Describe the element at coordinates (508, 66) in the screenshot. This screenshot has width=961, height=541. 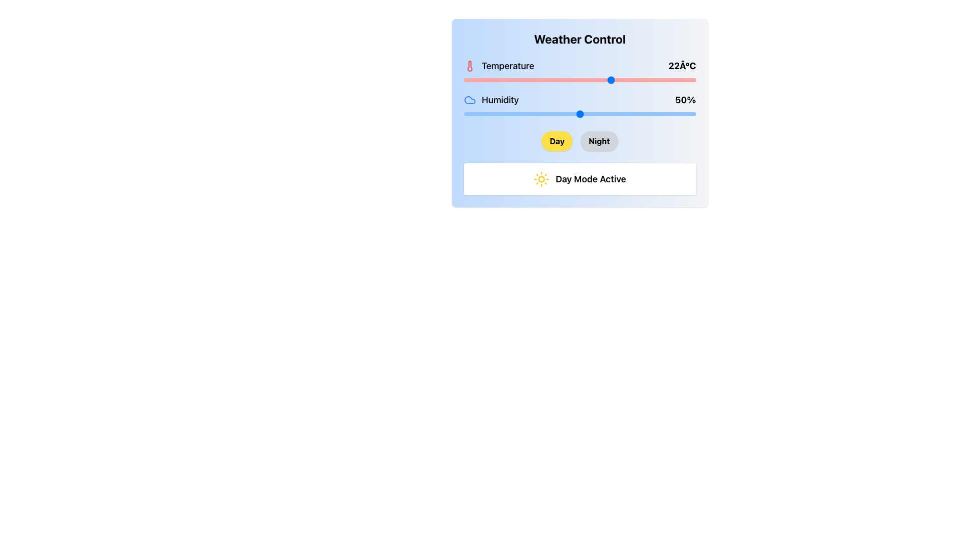
I see `the Text Label that indicates the temperature display and adjustment controls, positioned to the right of the thermometer icon under the main title 'Weather Control'` at that location.